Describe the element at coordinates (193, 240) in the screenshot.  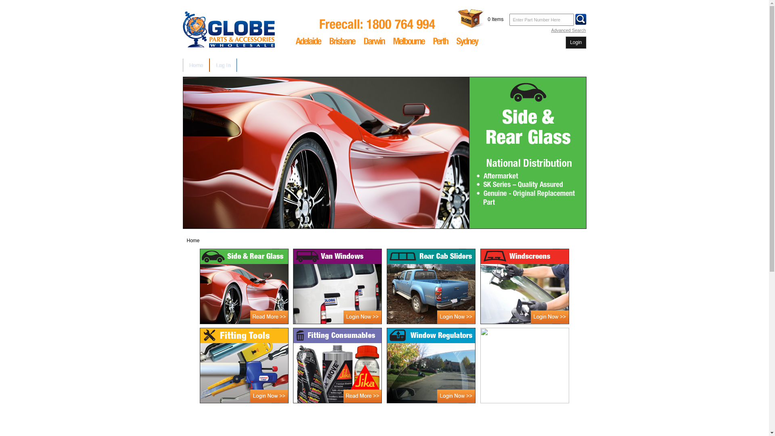
I see `'Home'` at that location.